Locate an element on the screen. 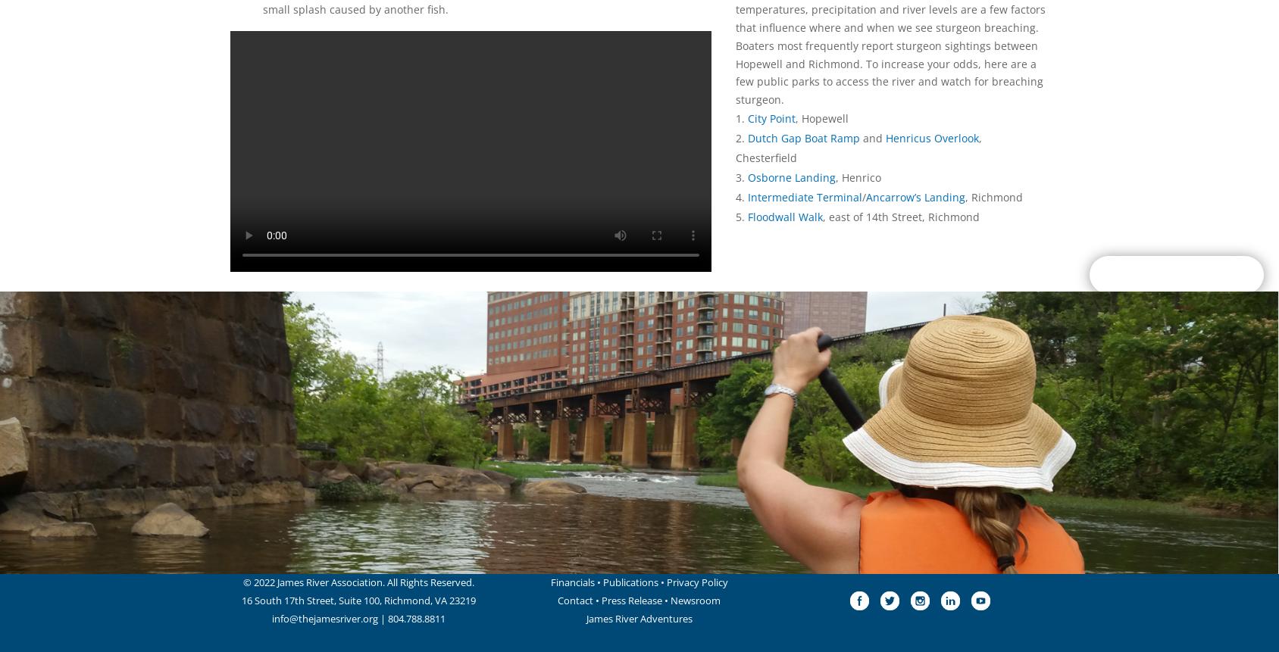  '/' is located at coordinates (863, 197).